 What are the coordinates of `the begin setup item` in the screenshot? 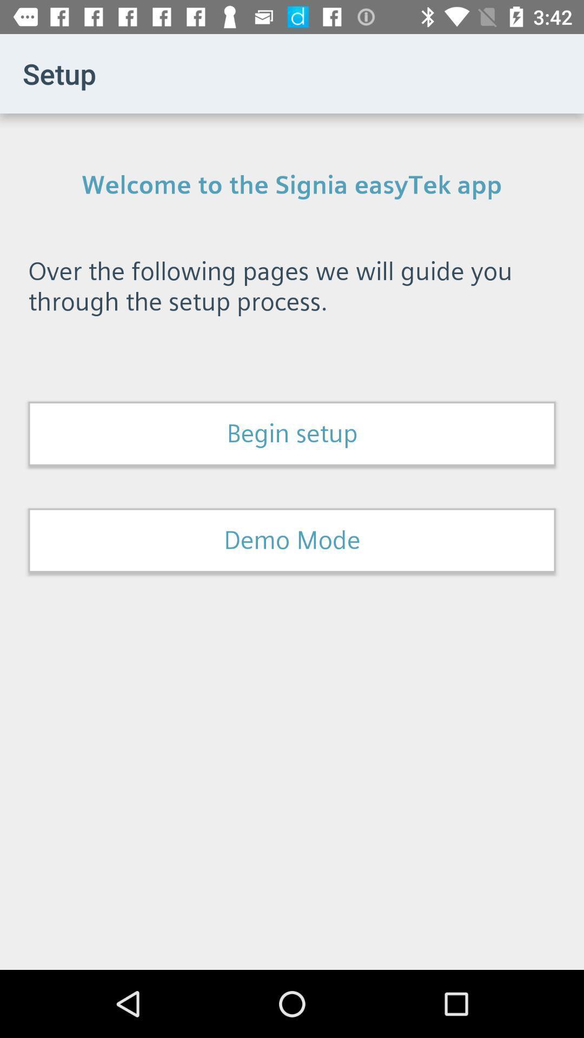 It's located at (292, 434).